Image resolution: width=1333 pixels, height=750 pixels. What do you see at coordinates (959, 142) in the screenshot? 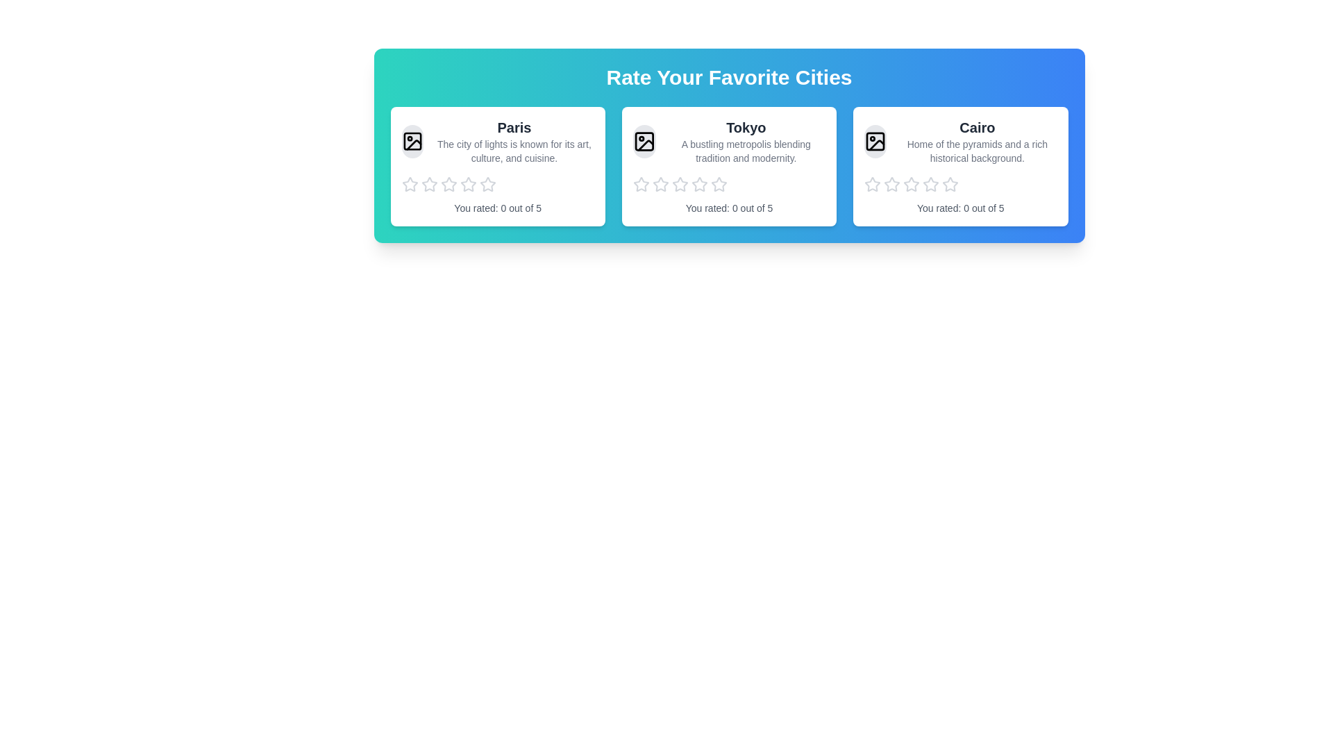
I see `text content of the text block titled 'Cairo', which describes it as 'Home of the pyramids and a rich historical background.'` at bounding box center [959, 142].